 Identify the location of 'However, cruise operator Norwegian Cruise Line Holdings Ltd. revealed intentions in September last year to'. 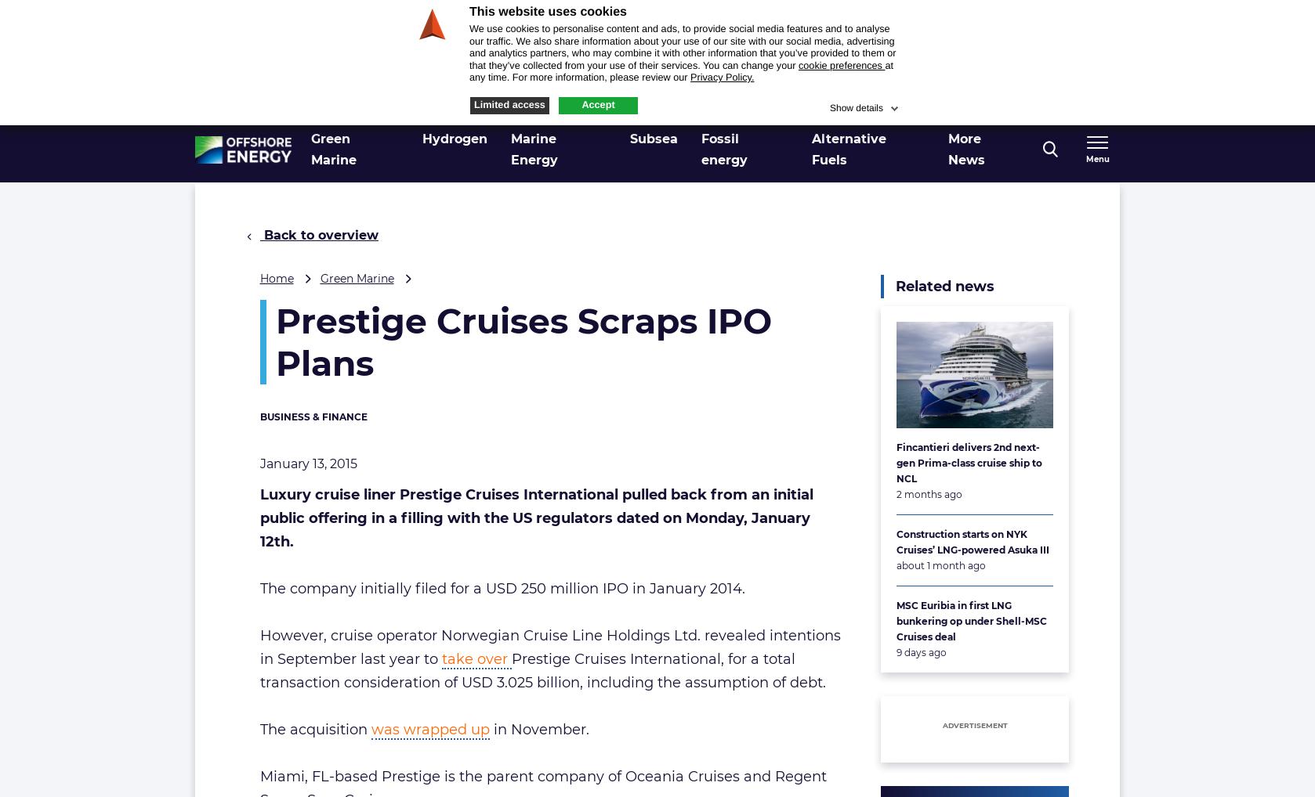
(549, 647).